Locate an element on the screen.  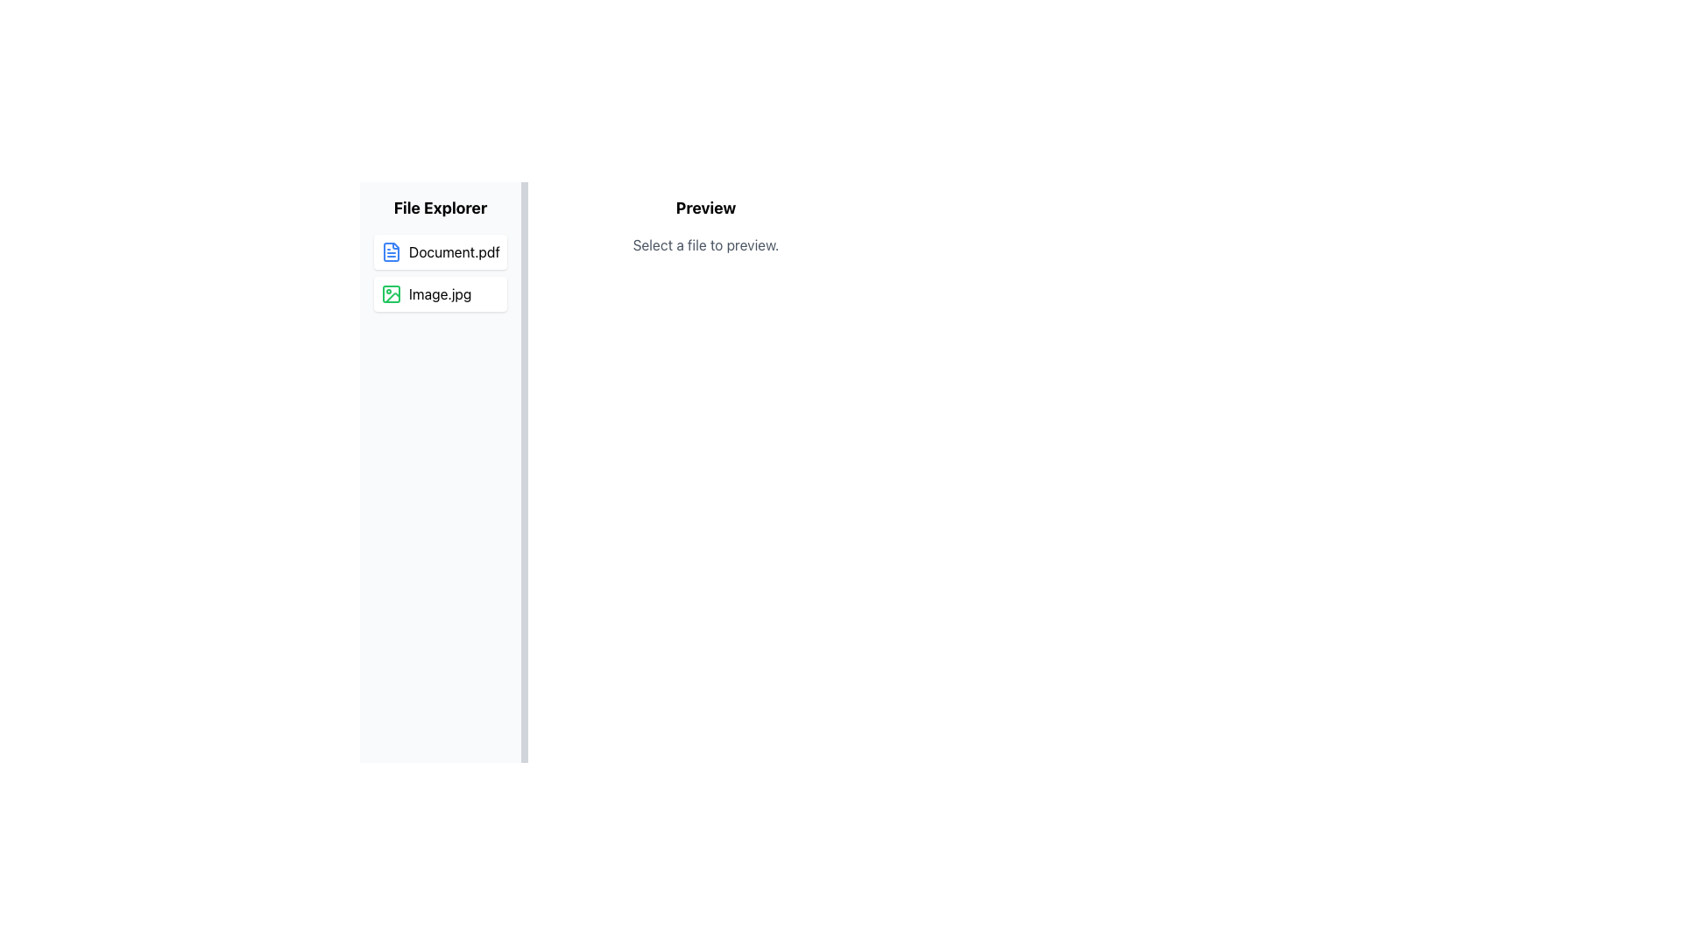
the first selectable list item in the 'File Explorer' section, which resembles a white rectangular card with a document file icon and the text 'Document.pdf' is located at coordinates (441, 252).